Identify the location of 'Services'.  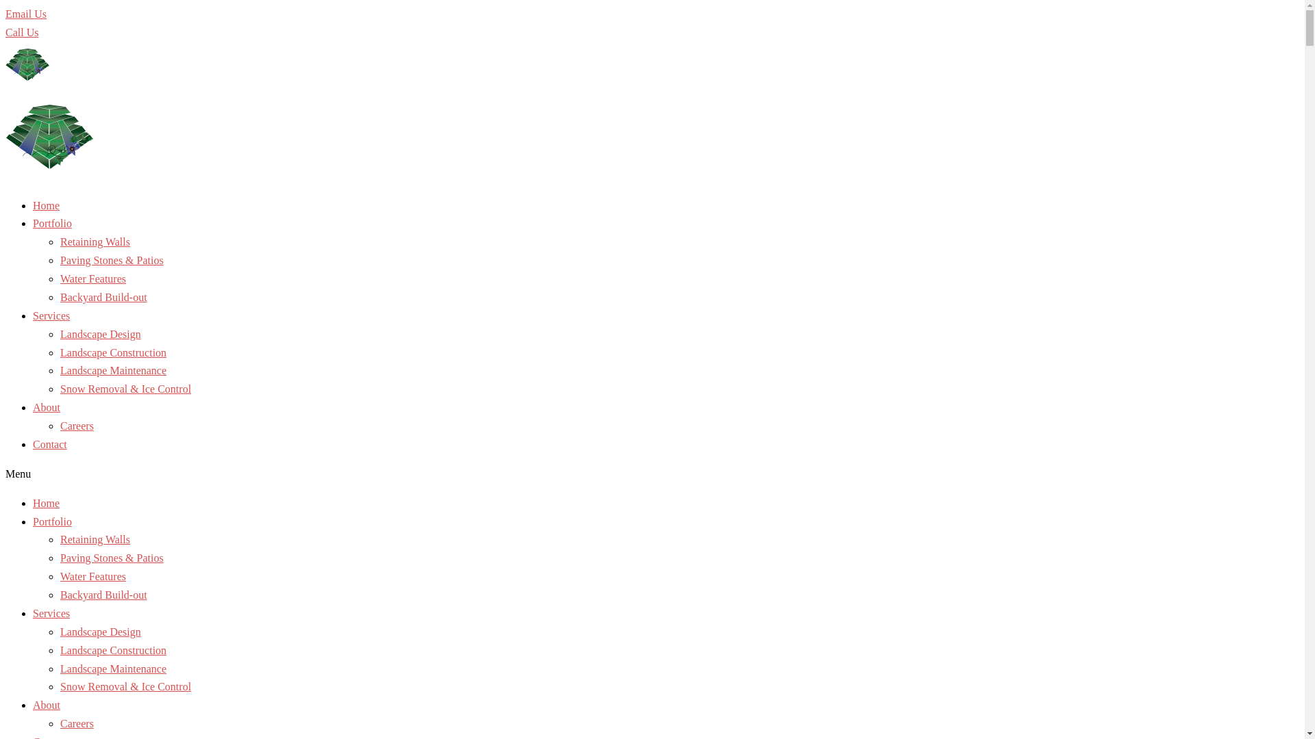
(51, 315).